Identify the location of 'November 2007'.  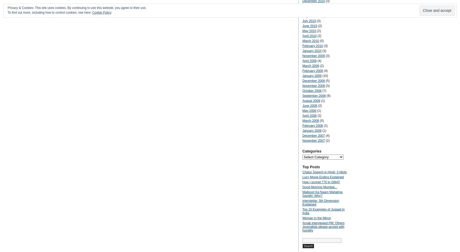
(313, 140).